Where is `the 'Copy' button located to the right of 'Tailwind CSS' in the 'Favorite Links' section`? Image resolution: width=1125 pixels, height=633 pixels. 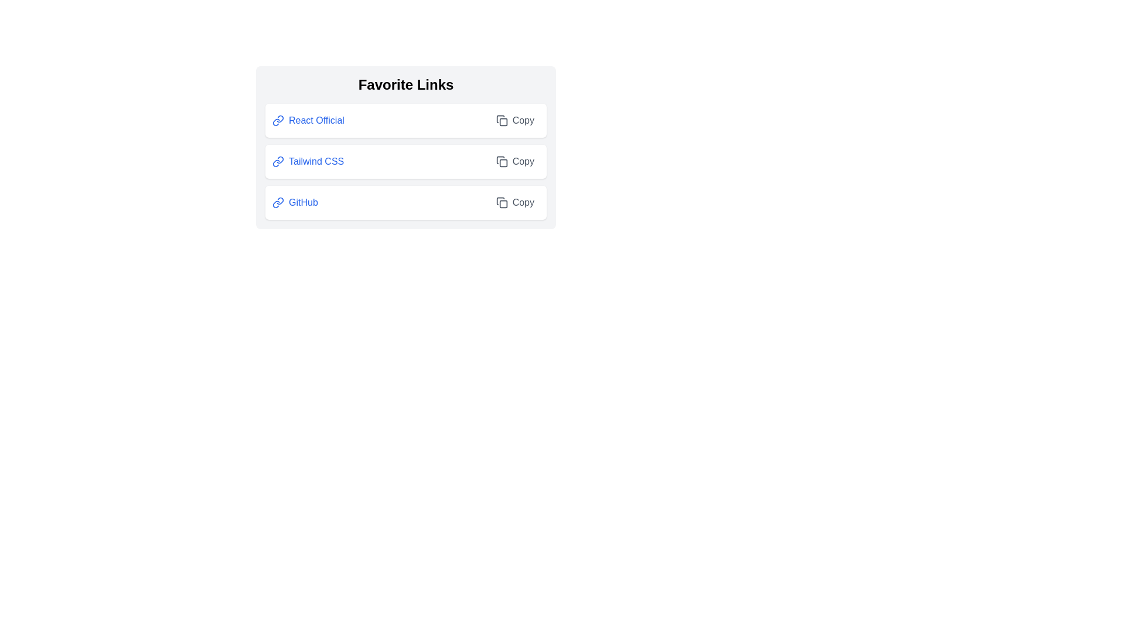 the 'Copy' button located to the right of 'Tailwind CSS' in the 'Favorite Links' section is located at coordinates (515, 162).